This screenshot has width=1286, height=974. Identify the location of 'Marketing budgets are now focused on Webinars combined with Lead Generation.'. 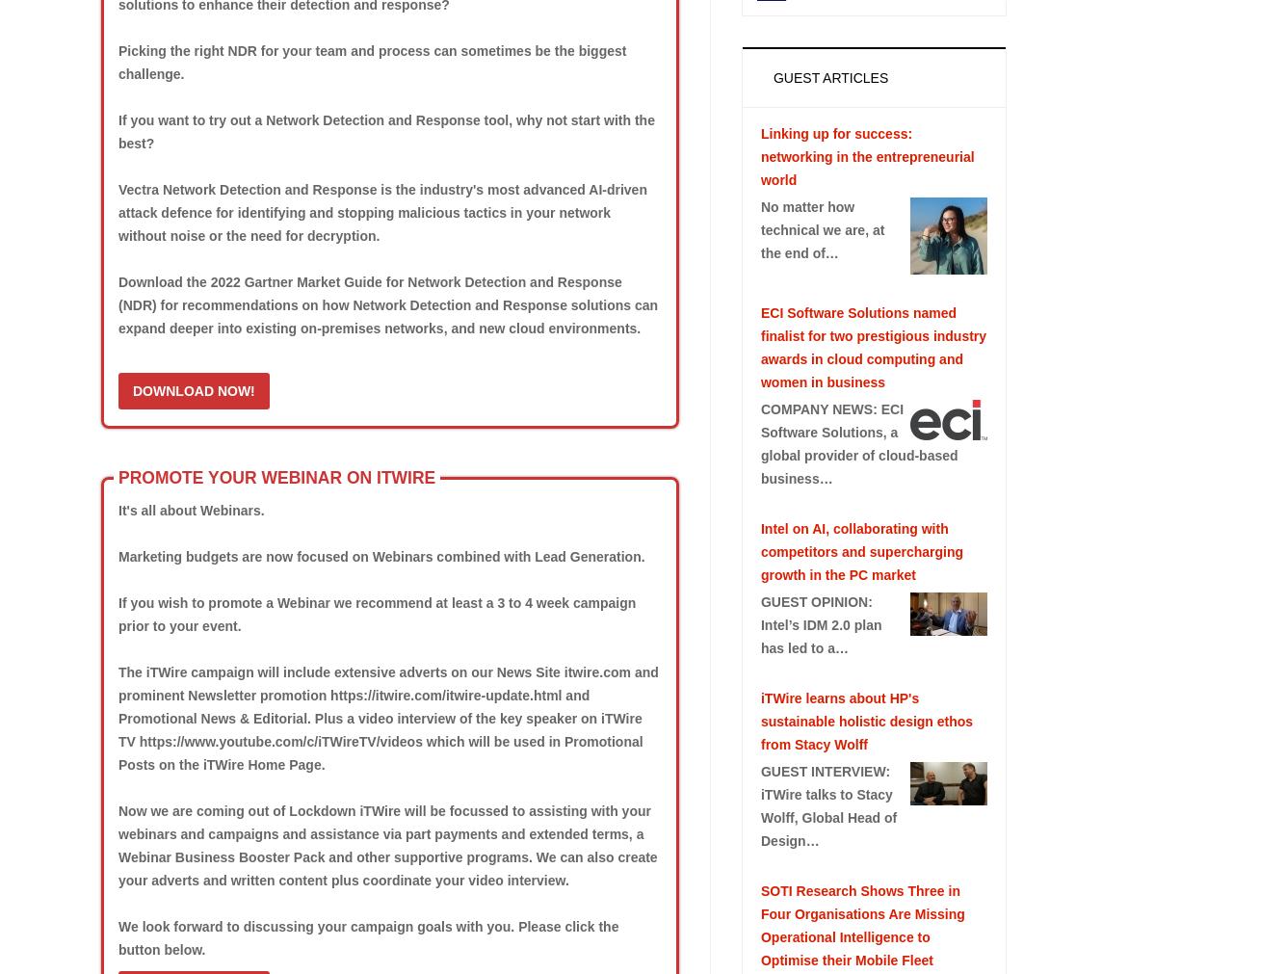
(380, 555).